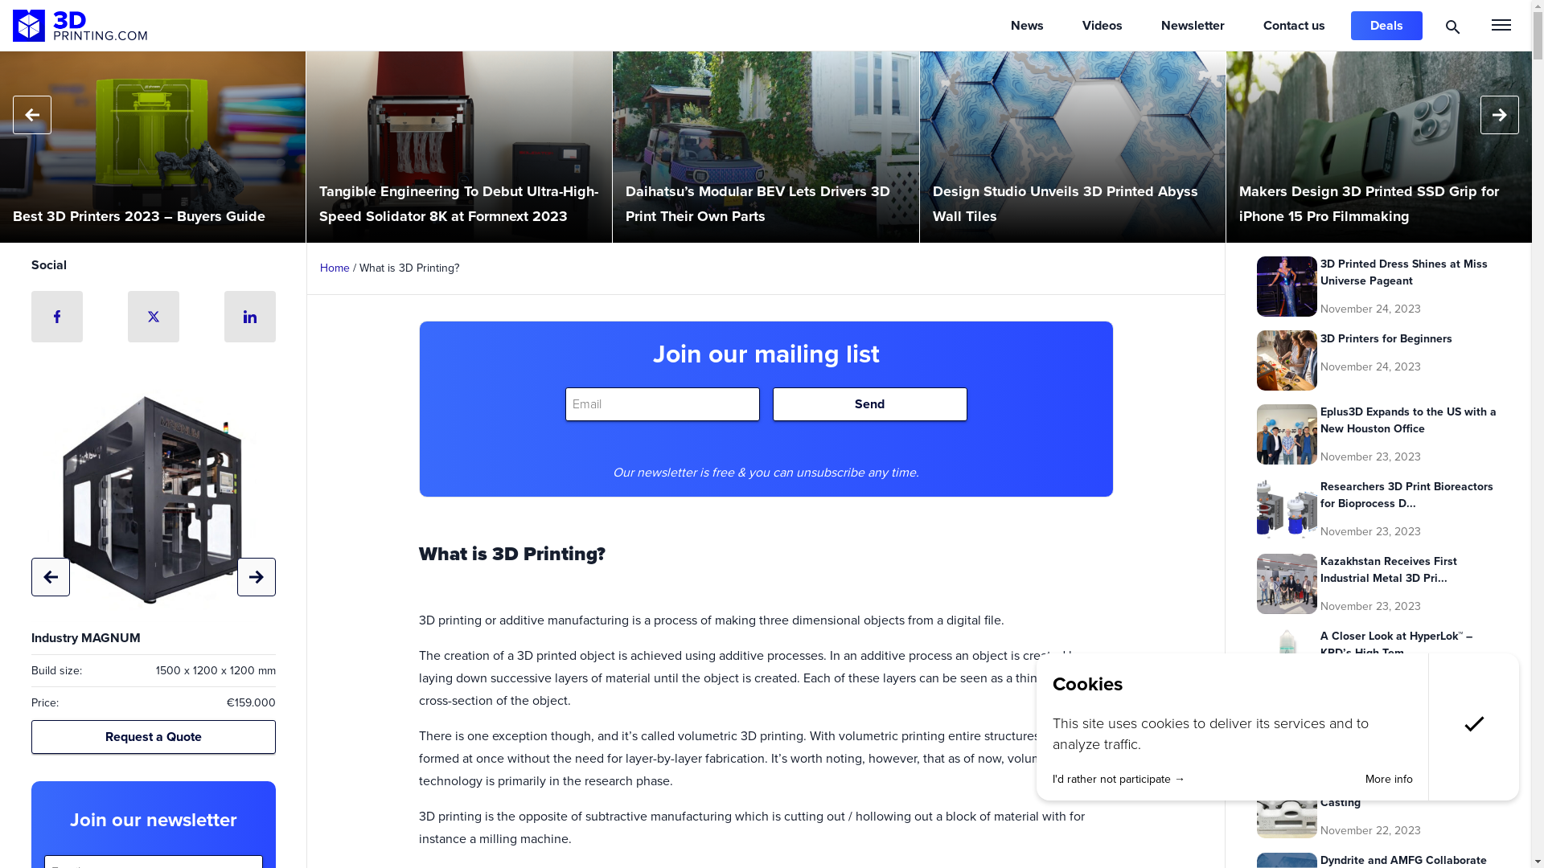  What do you see at coordinates (1386, 25) in the screenshot?
I see `'Deals'` at bounding box center [1386, 25].